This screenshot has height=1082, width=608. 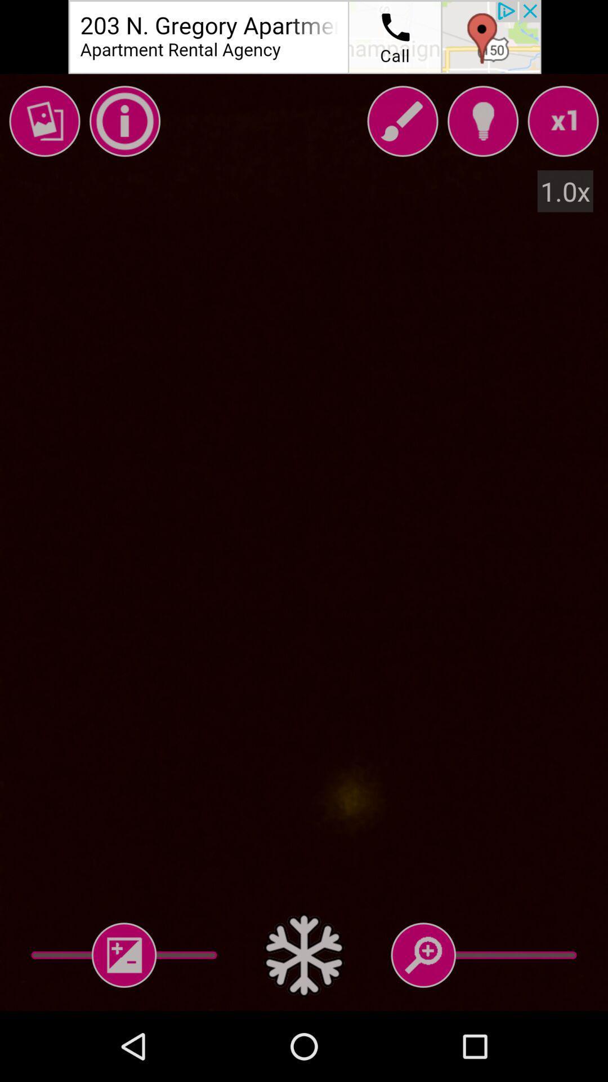 What do you see at coordinates (402, 121) in the screenshot?
I see `the edit icon` at bounding box center [402, 121].